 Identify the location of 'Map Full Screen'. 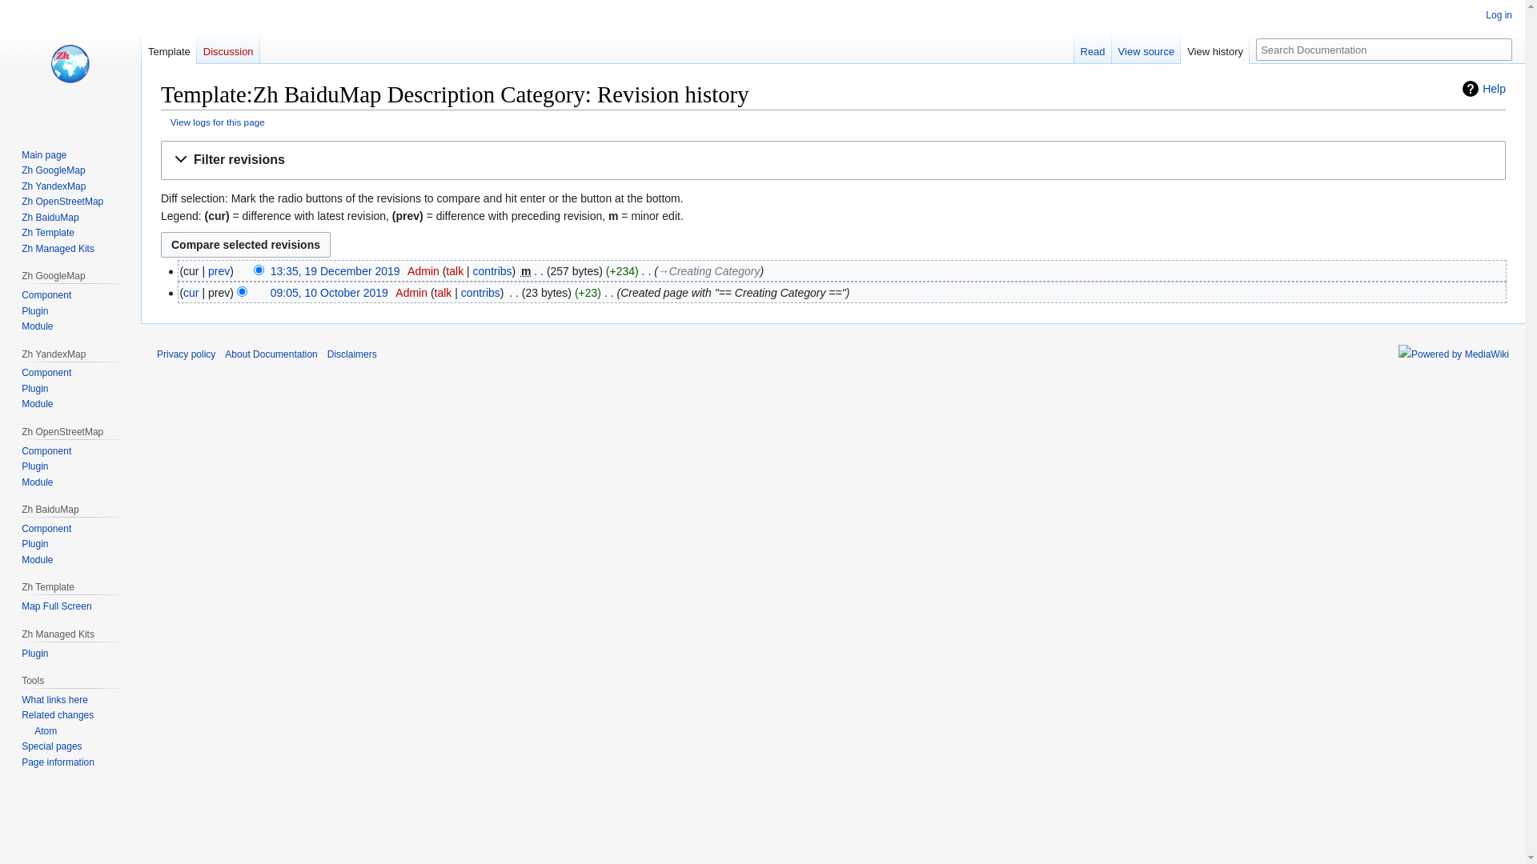
(56, 606).